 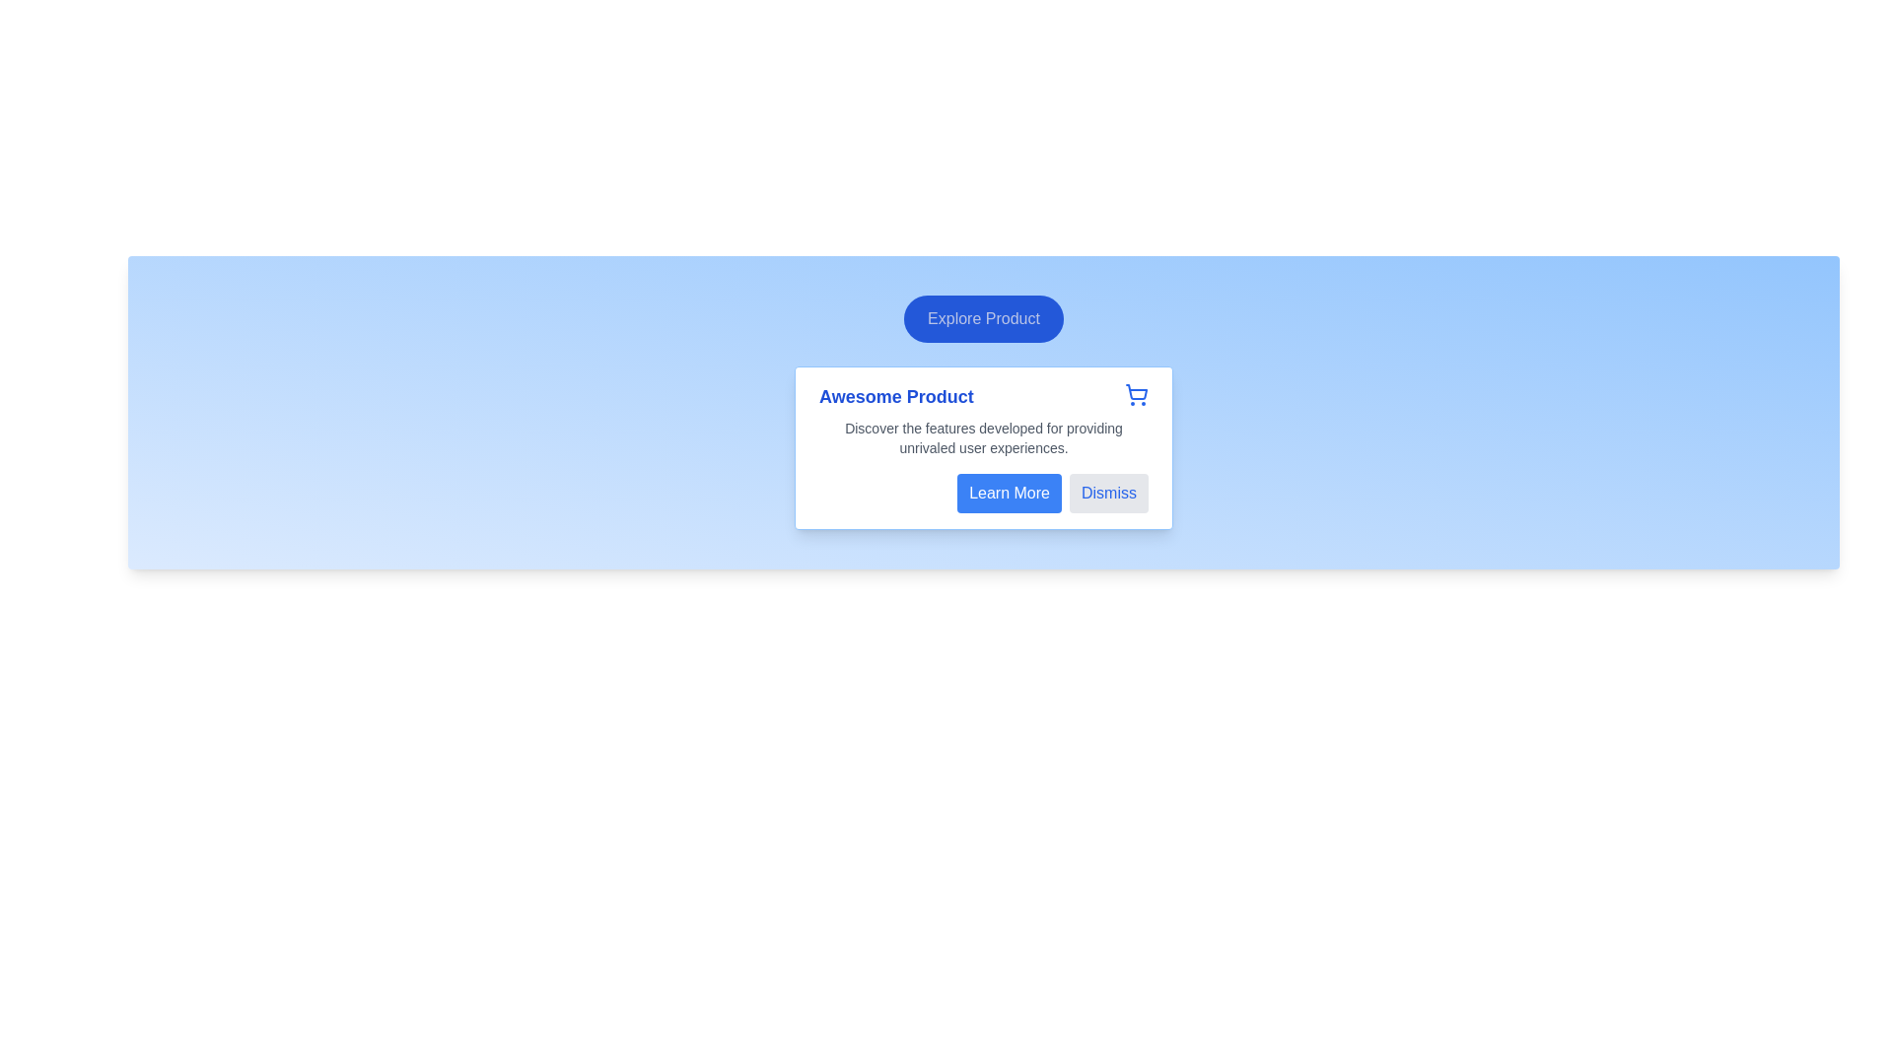 I want to click on the 'Learn More' or 'Dismiss' button in the horizontal button group located at the bottom-right of the card box, so click(x=984, y=493).